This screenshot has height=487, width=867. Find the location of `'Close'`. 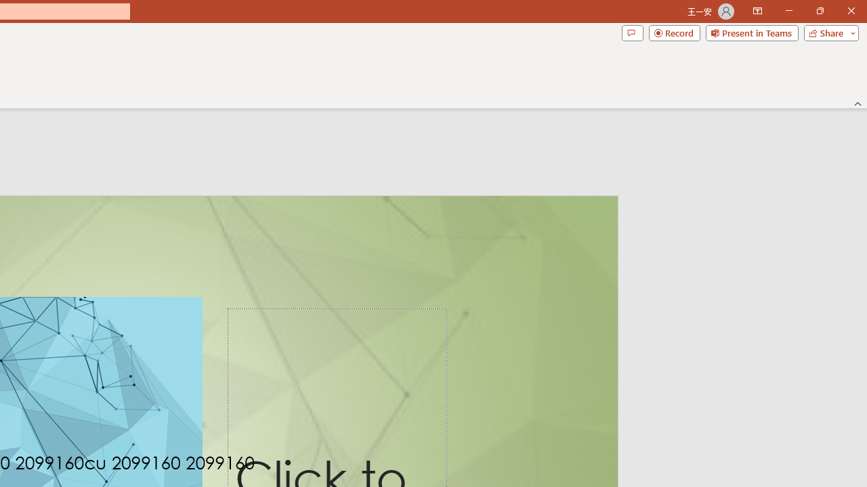

'Close' is located at coordinates (850, 11).